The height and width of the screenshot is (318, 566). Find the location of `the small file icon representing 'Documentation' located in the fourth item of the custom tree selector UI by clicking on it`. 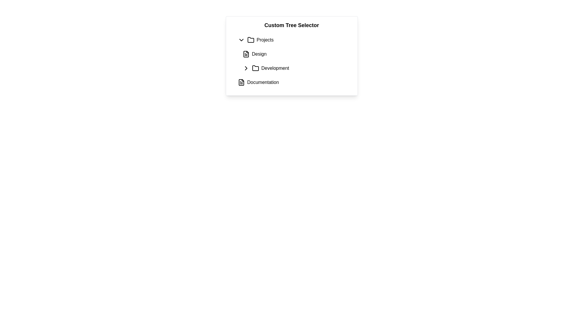

the small file icon representing 'Documentation' located in the fourth item of the custom tree selector UI by clicking on it is located at coordinates (241, 82).